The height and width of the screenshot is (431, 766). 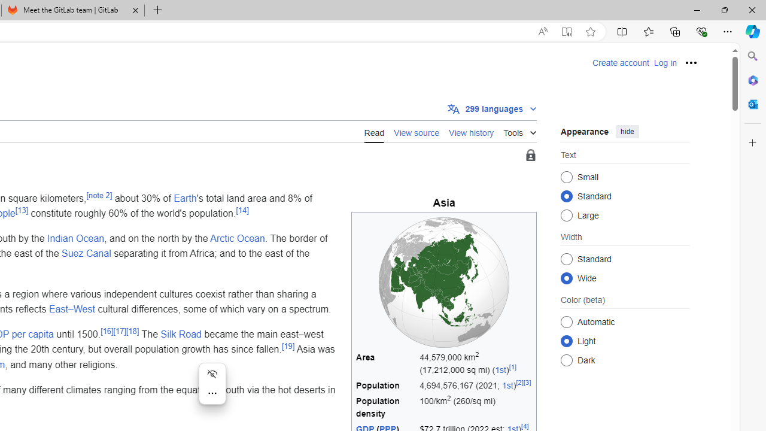 I want to click on 'Standard', so click(x=566, y=258).